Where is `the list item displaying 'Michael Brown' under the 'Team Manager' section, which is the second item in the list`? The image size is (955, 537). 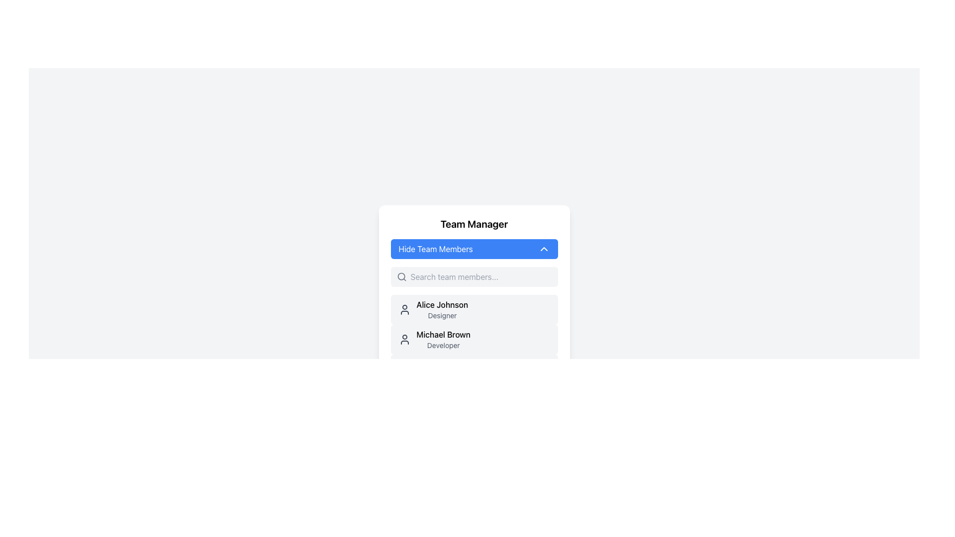
the list item displaying 'Michael Brown' under the 'Team Manager' section, which is the second item in the list is located at coordinates (443, 339).